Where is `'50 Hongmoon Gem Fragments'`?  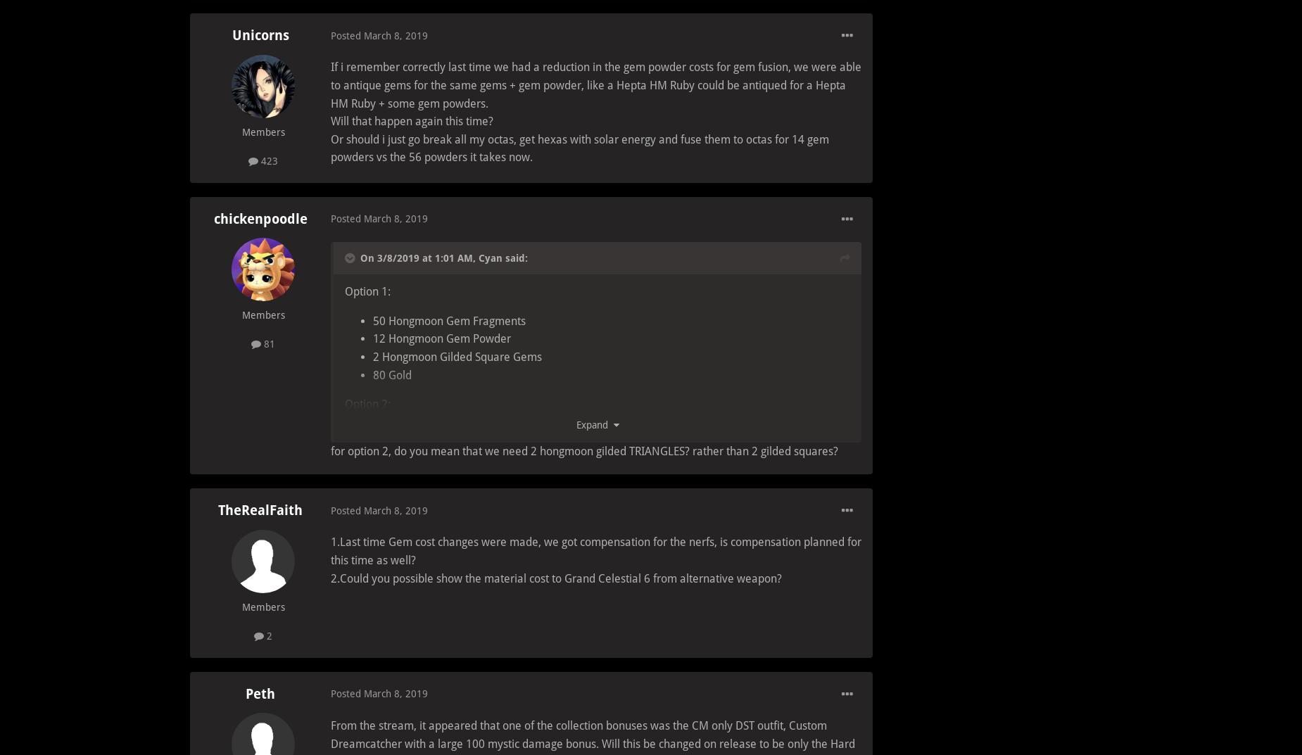
'50 Hongmoon Gem Fragments' is located at coordinates (449, 320).